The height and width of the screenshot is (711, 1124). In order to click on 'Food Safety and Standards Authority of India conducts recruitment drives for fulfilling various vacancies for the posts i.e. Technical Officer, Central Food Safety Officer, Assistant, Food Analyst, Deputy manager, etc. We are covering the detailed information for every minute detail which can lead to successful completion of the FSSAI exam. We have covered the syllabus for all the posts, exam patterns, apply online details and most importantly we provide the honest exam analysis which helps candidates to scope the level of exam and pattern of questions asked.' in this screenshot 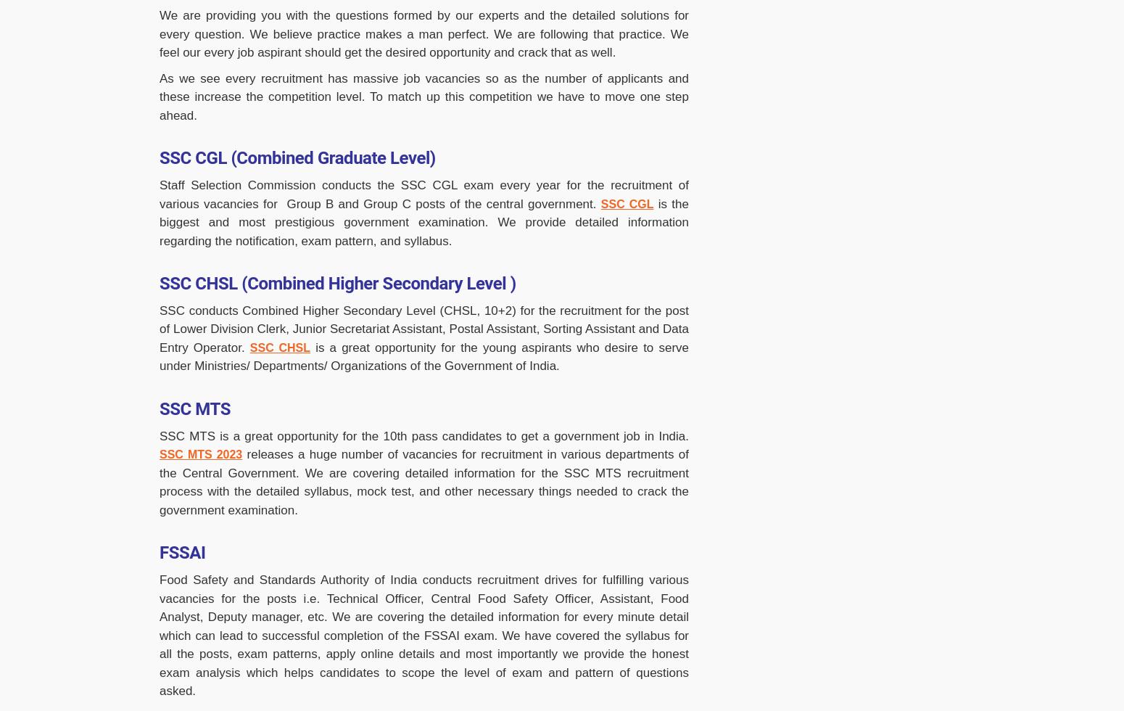, I will do `click(423, 636)`.